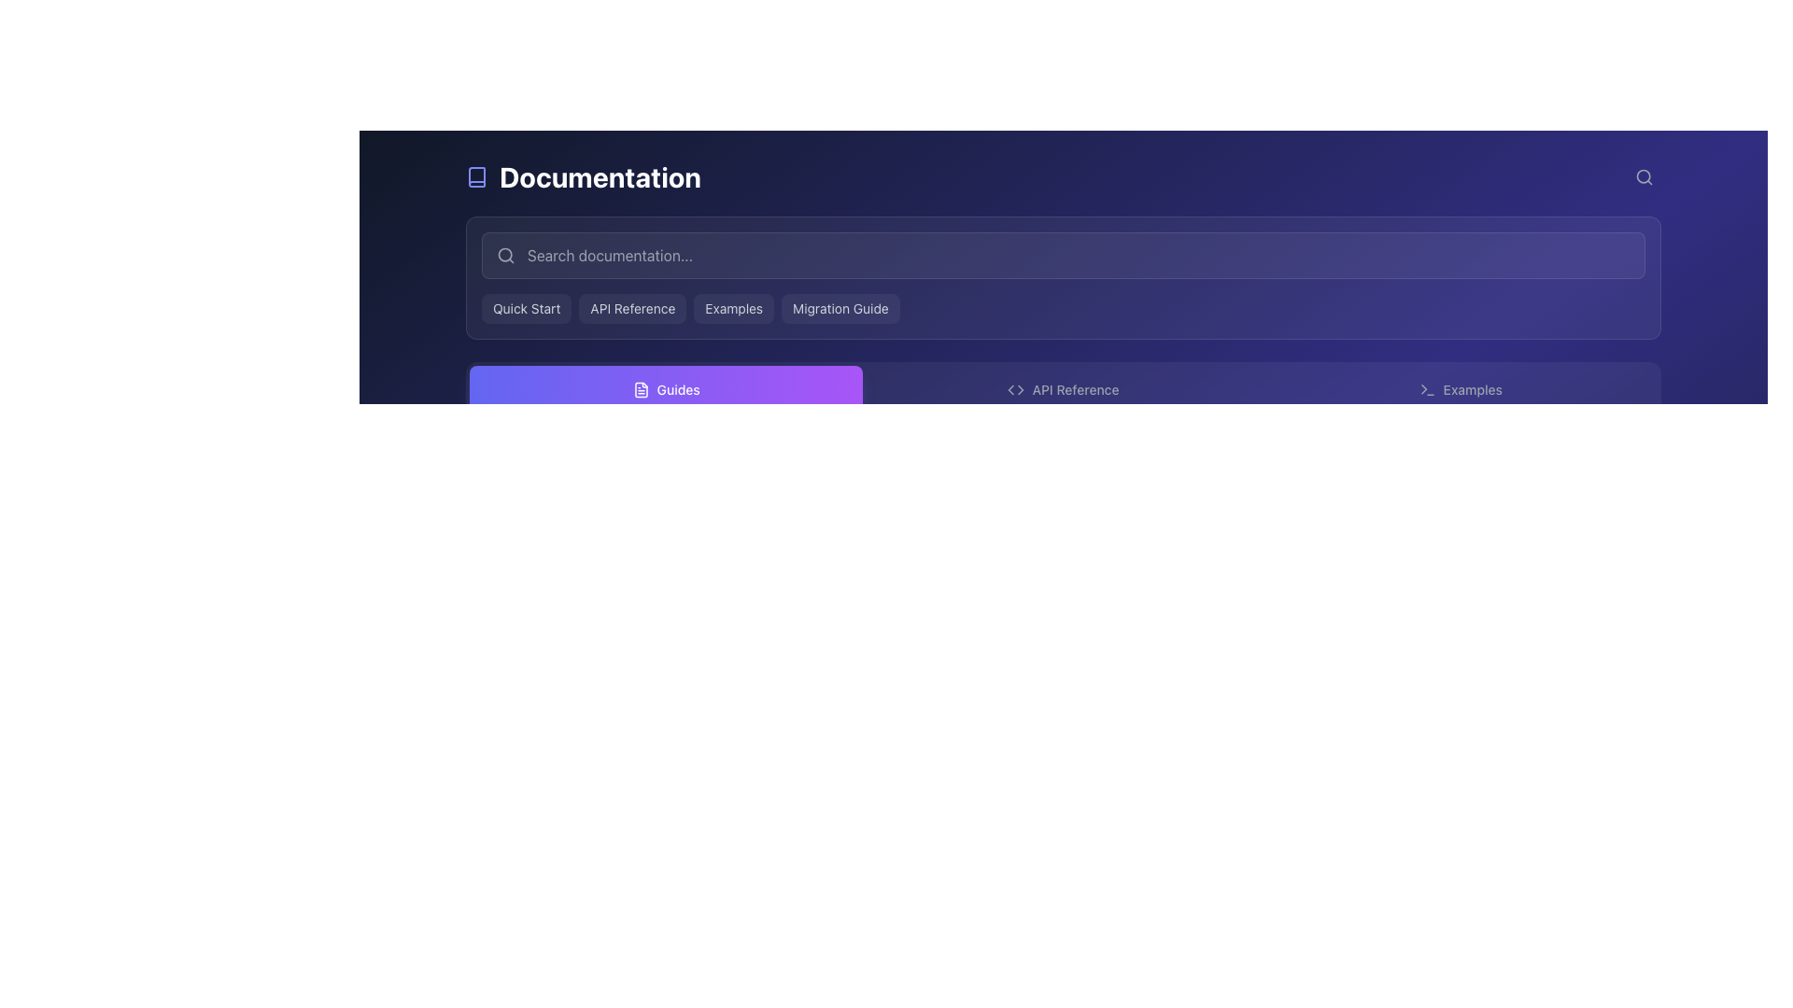 This screenshot has height=1008, width=1793. I want to click on the Navigation menu bar located underneath the 'Documentation' section, so click(1063, 388).